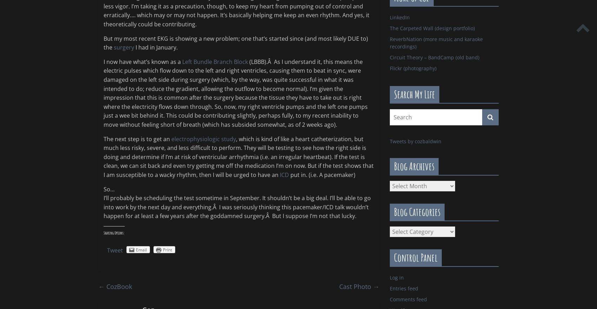  I want to click on 'But my most recent EKG is showing a new problem; one that’s started since (and most likely DUE to) the', so click(236, 42).